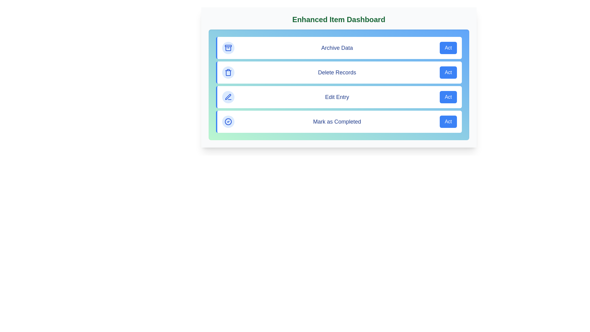 The width and height of the screenshot is (590, 332). I want to click on the 'Act' button for the action 'Archive Data', so click(448, 47).